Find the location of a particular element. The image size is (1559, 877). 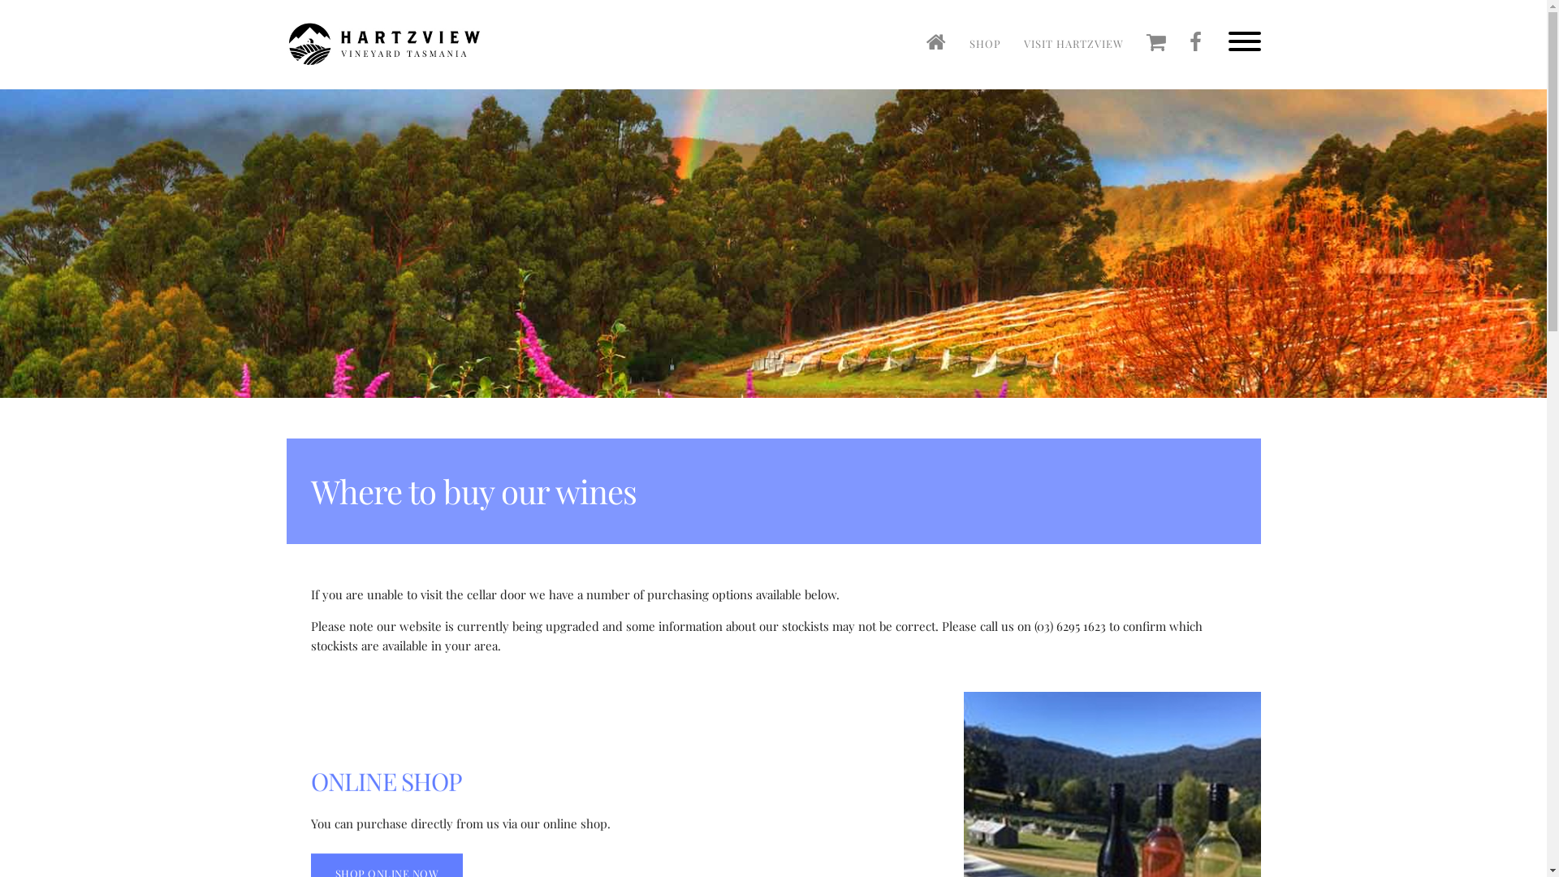

'SHOP' is located at coordinates (984, 42).